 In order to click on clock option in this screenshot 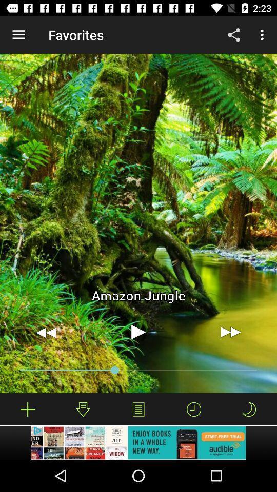, I will do `click(194, 409)`.